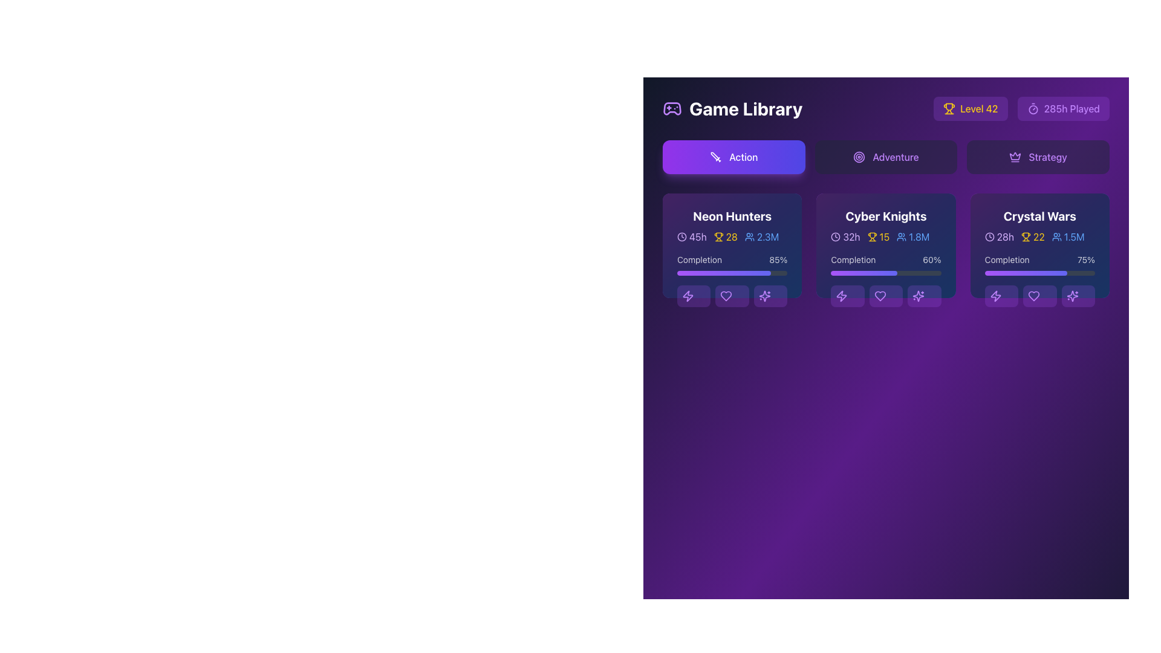  Describe the element at coordinates (886, 230) in the screenshot. I see `the title and statistical representation of the game 'Cyber Knights' in the second column of the Action game category section, located above the progress bar and icons` at that location.